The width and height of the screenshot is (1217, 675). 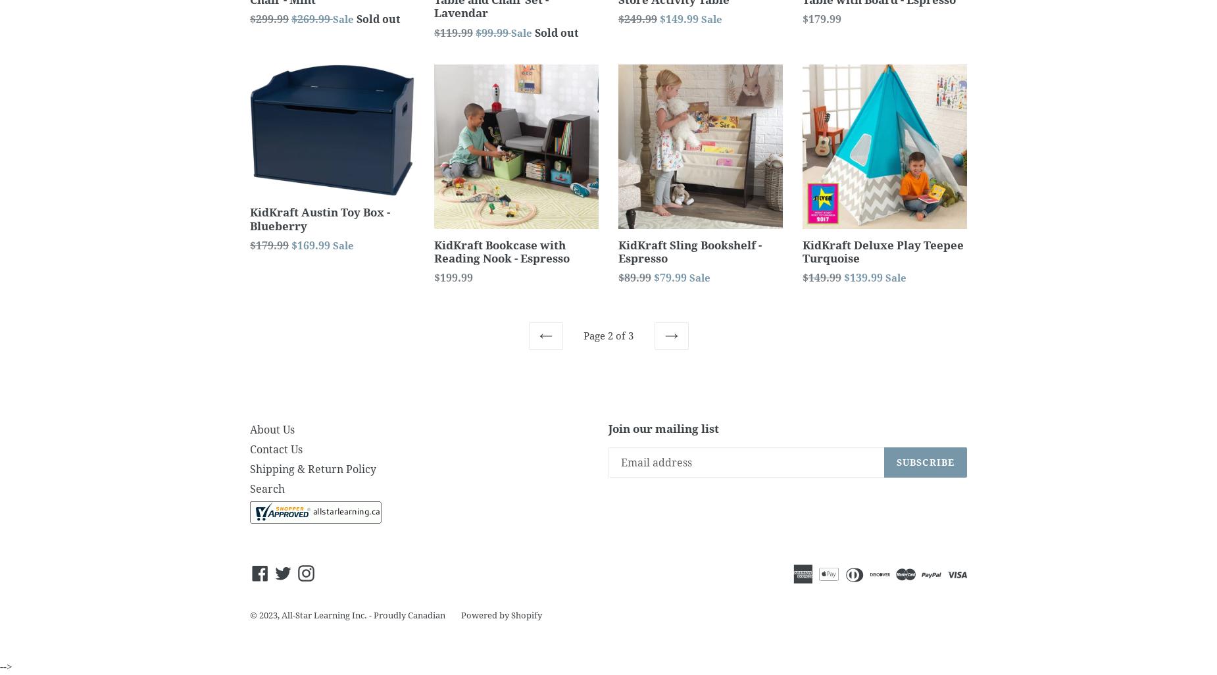 I want to click on '$139.99', so click(x=864, y=278).